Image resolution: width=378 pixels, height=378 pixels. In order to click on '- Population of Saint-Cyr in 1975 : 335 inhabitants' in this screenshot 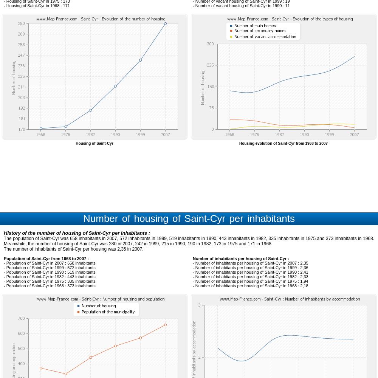, I will do `click(4, 281)`.